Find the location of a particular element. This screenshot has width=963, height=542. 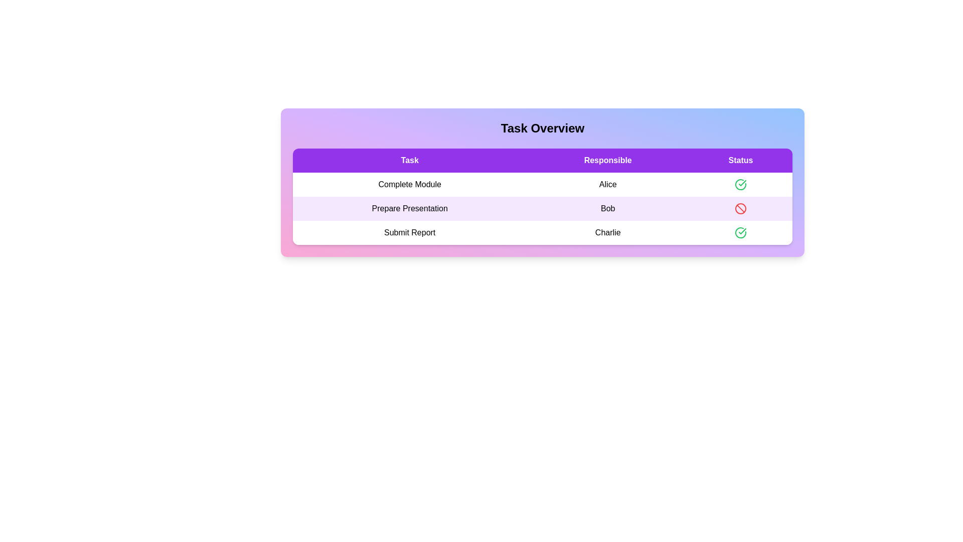

the task name in the second row of the task overview table, which is located below 'Complete Module - Alice' and above 'Submit Report - Charlie' is located at coordinates (542, 208).